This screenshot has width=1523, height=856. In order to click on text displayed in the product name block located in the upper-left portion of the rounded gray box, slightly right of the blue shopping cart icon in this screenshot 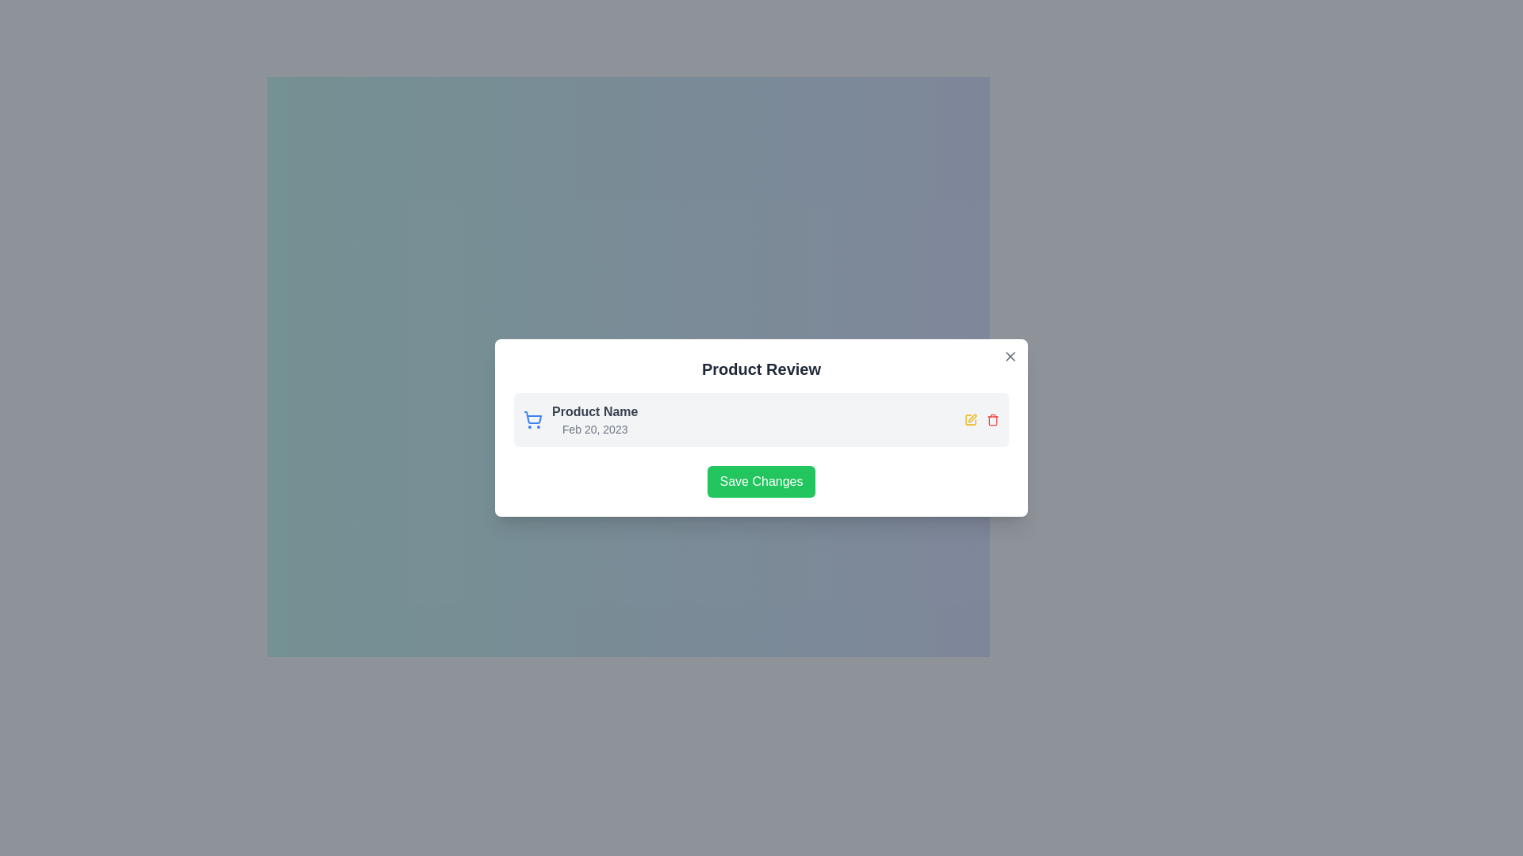, I will do `click(594, 418)`.